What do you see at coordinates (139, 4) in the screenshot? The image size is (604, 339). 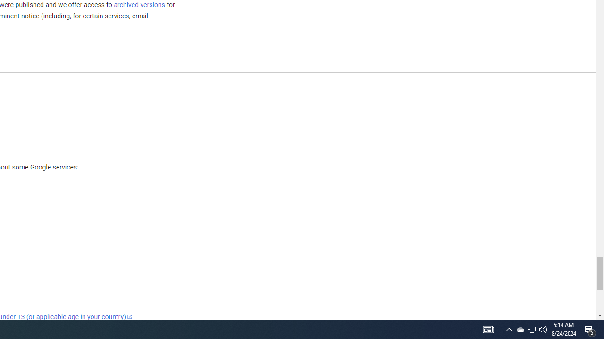 I see `'archived versions'` at bounding box center [139, 4].